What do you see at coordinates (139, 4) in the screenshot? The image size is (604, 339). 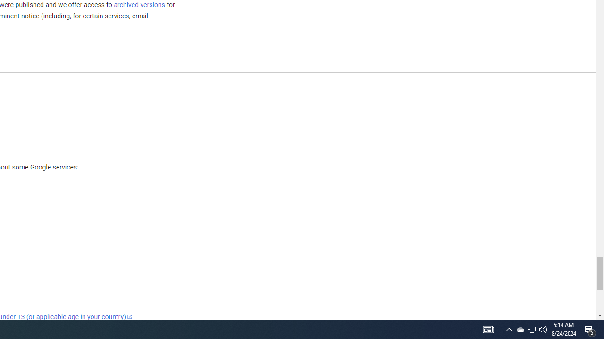 I see `'archived versions'` at bounding box center [139, 4].